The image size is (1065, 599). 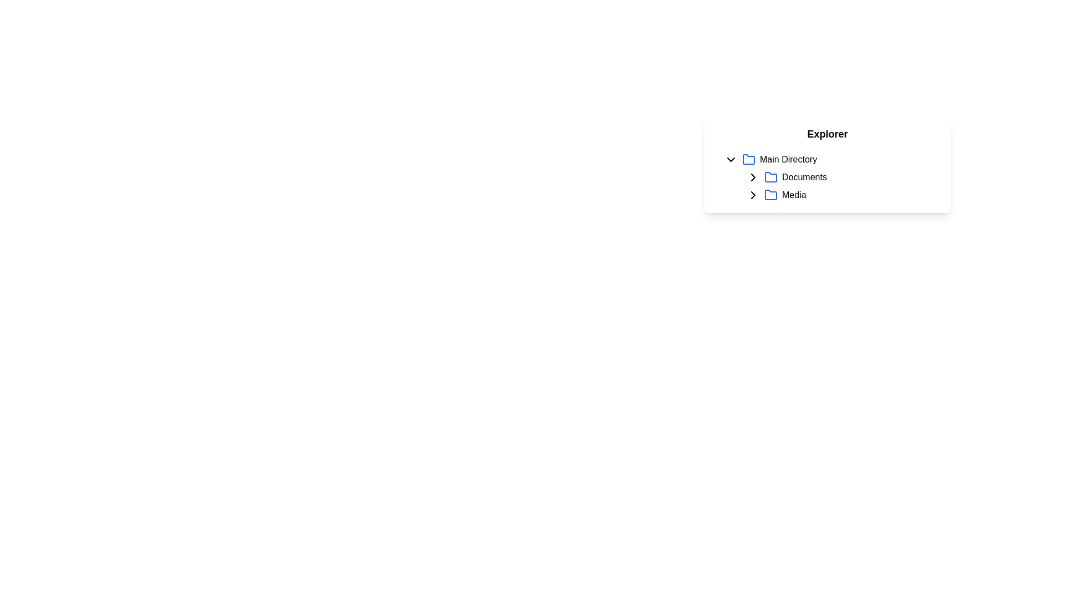 I want to click on the 'Main Directory' folder icon in the 'Explorer' list, which is the first folder icon preceding the 'Documents' and 'Media' icons, so click(x=748, y=159).